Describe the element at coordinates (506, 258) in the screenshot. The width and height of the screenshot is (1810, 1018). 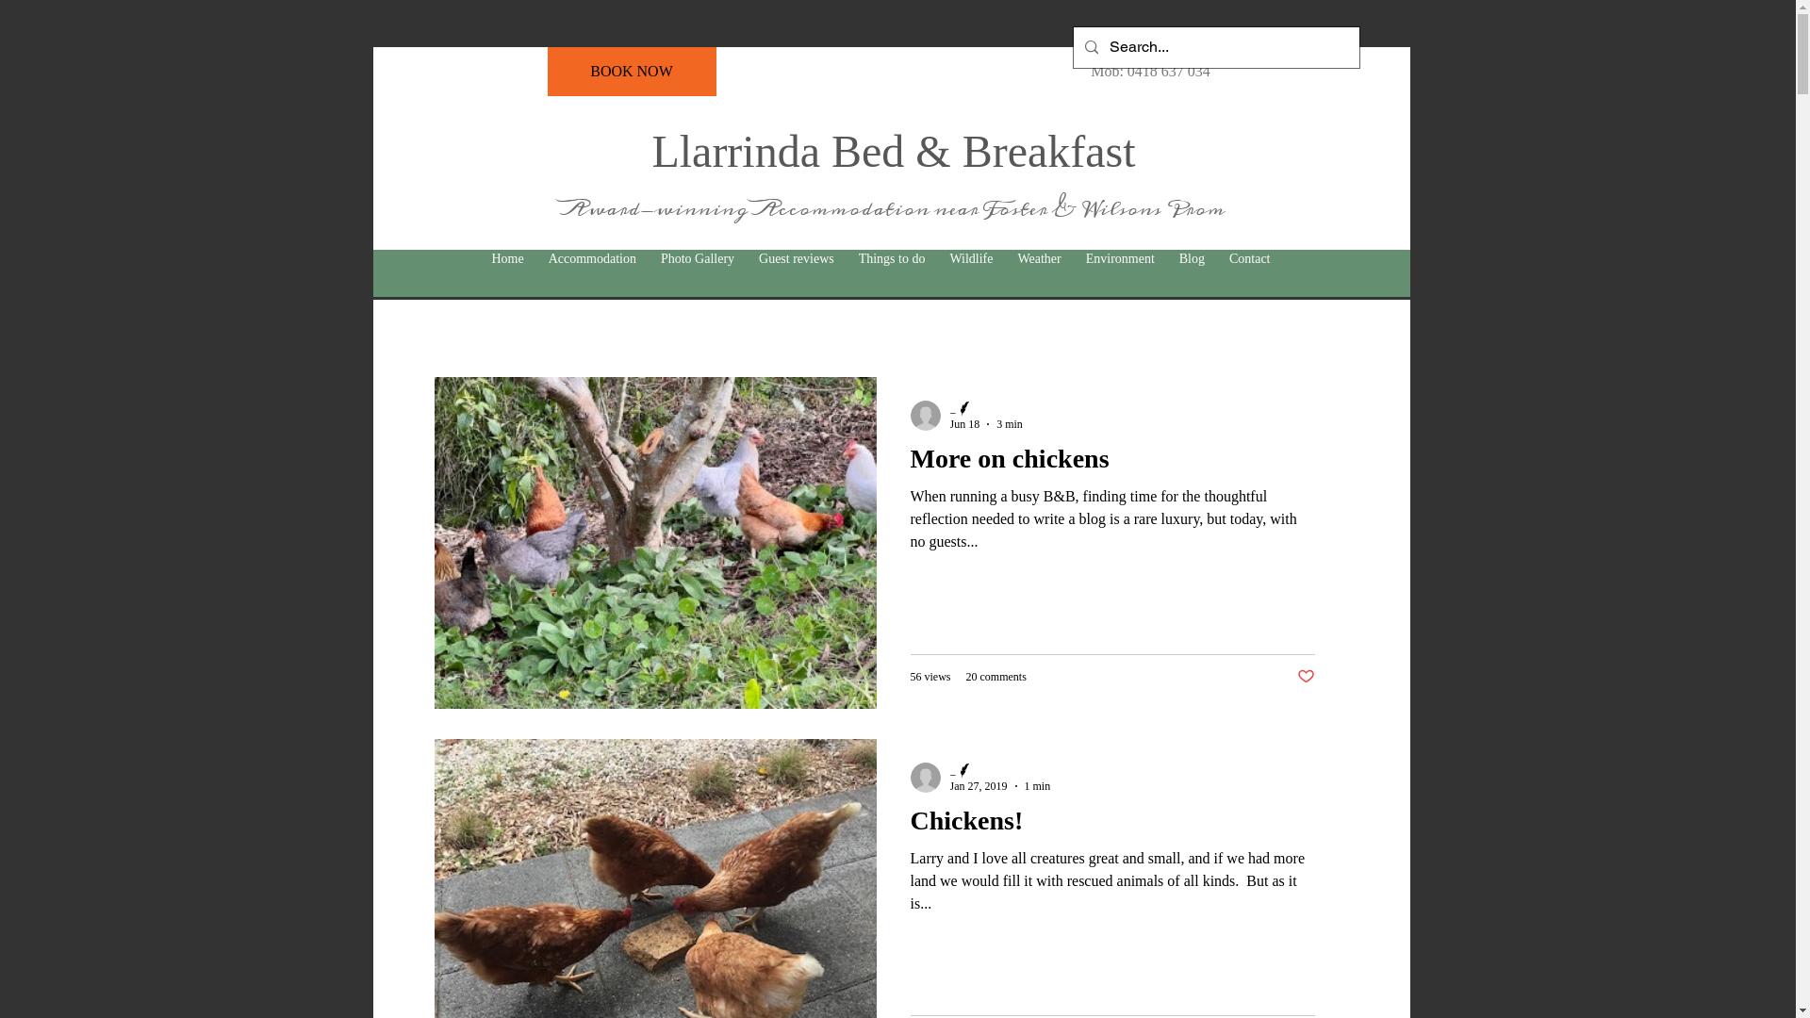
I see `'Home'` at that location.